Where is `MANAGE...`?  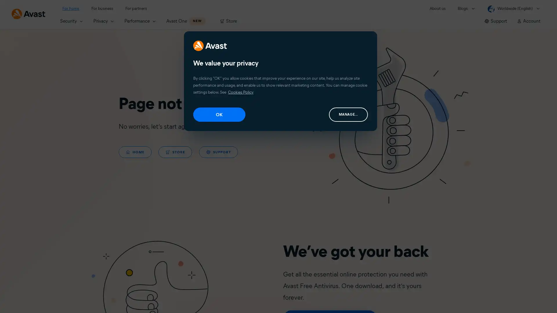
MANAGE... is located at coordinates (348, 114).